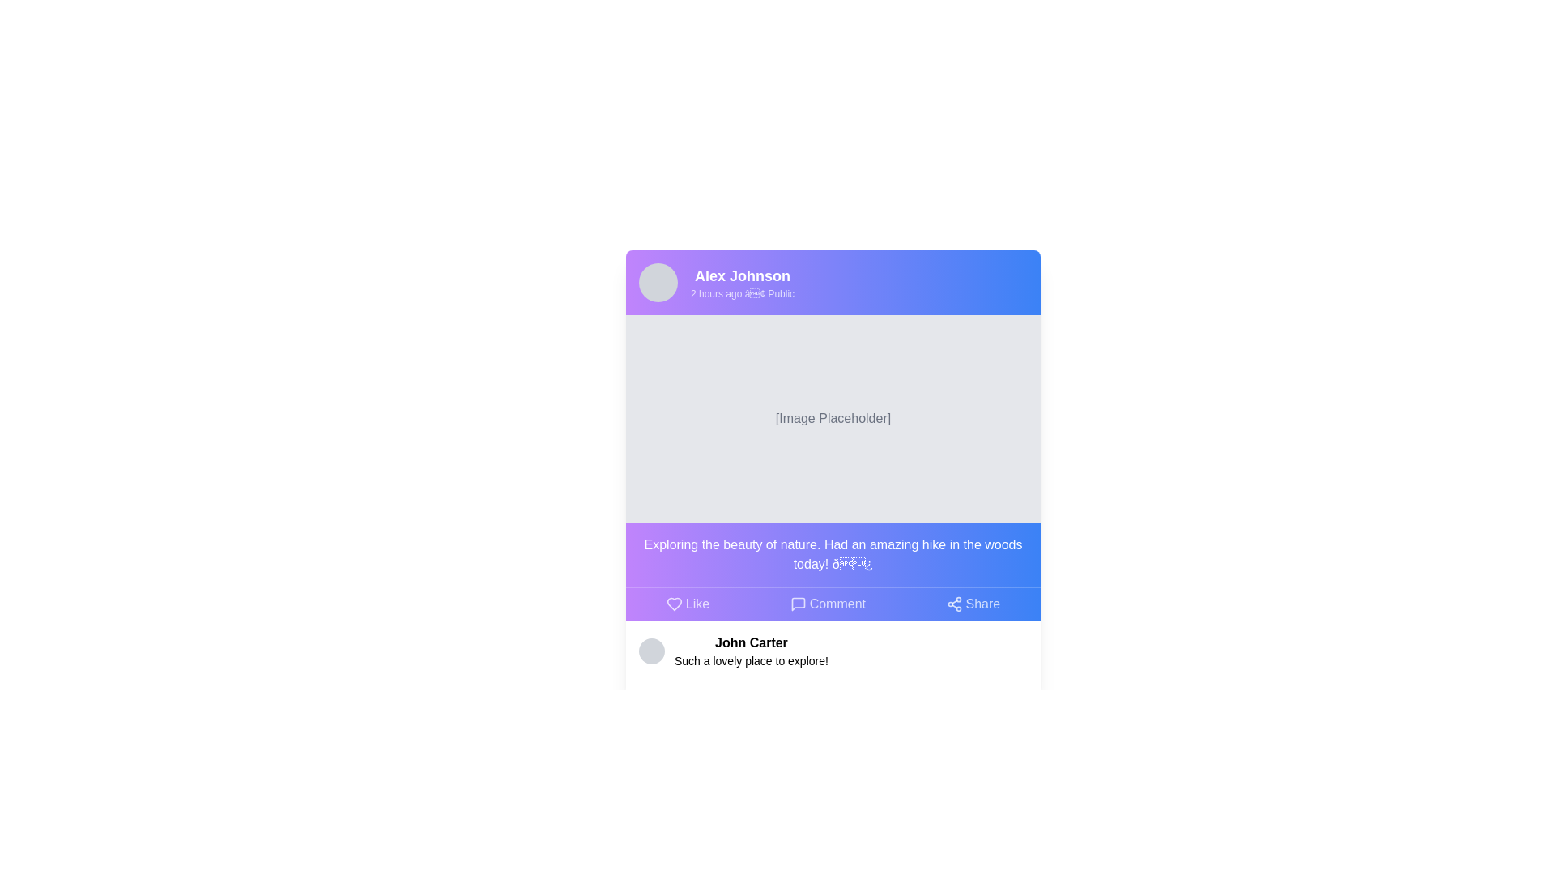 The width and height of the screenshot is (1555, 875). What do you see at coordinates (741, 293) in the screenshot?
I see `the text label displaying '2 hours ago • Public', which is located below the user's name 'Alex Johnson' and above a gray circular user avatar in the content card` at bounding box center [741, 293].